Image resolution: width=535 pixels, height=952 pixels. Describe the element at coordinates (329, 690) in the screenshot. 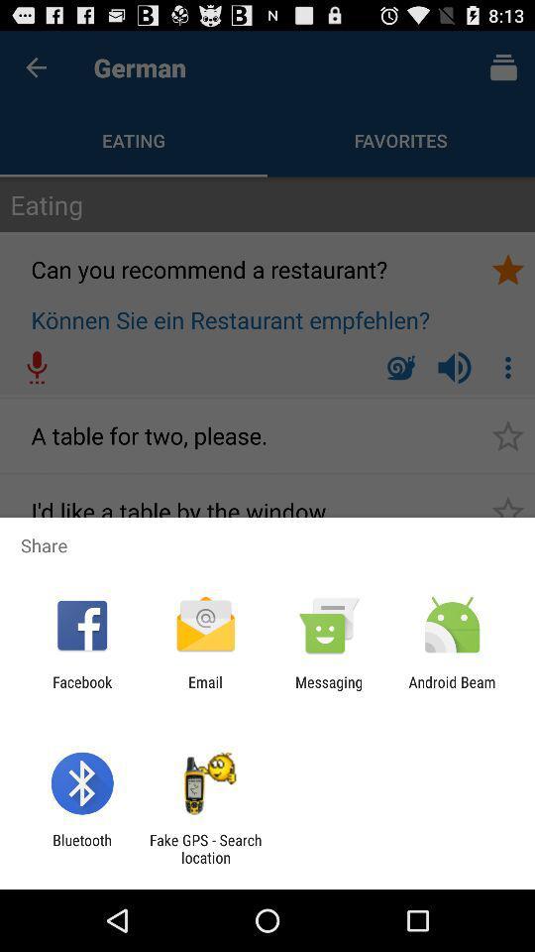

I see `messaging item` at that location.